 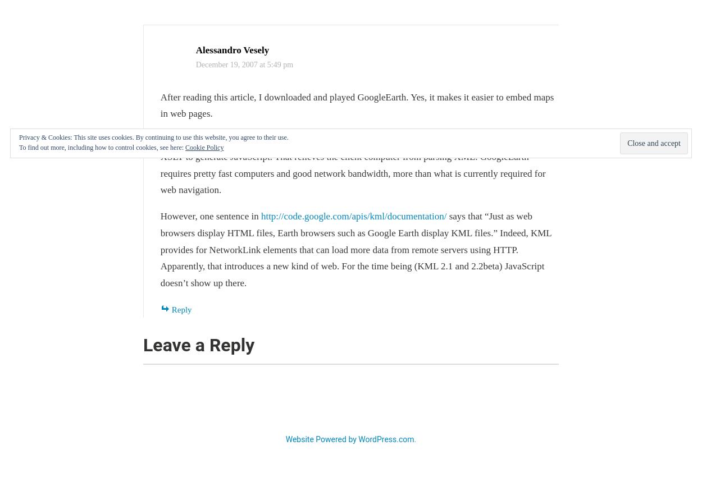 What do you see at coordinates (204, 146) in the screenshot?
I see `'Cookie Policy'` at bounding box center [204, 146].